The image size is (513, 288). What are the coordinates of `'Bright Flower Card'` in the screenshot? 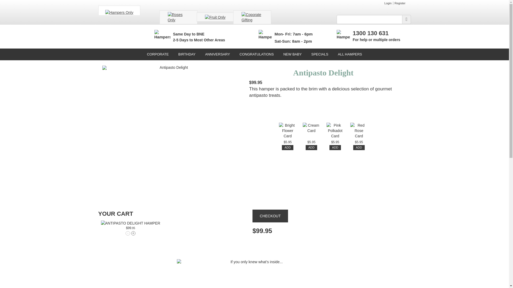 It's located at (287, 131).